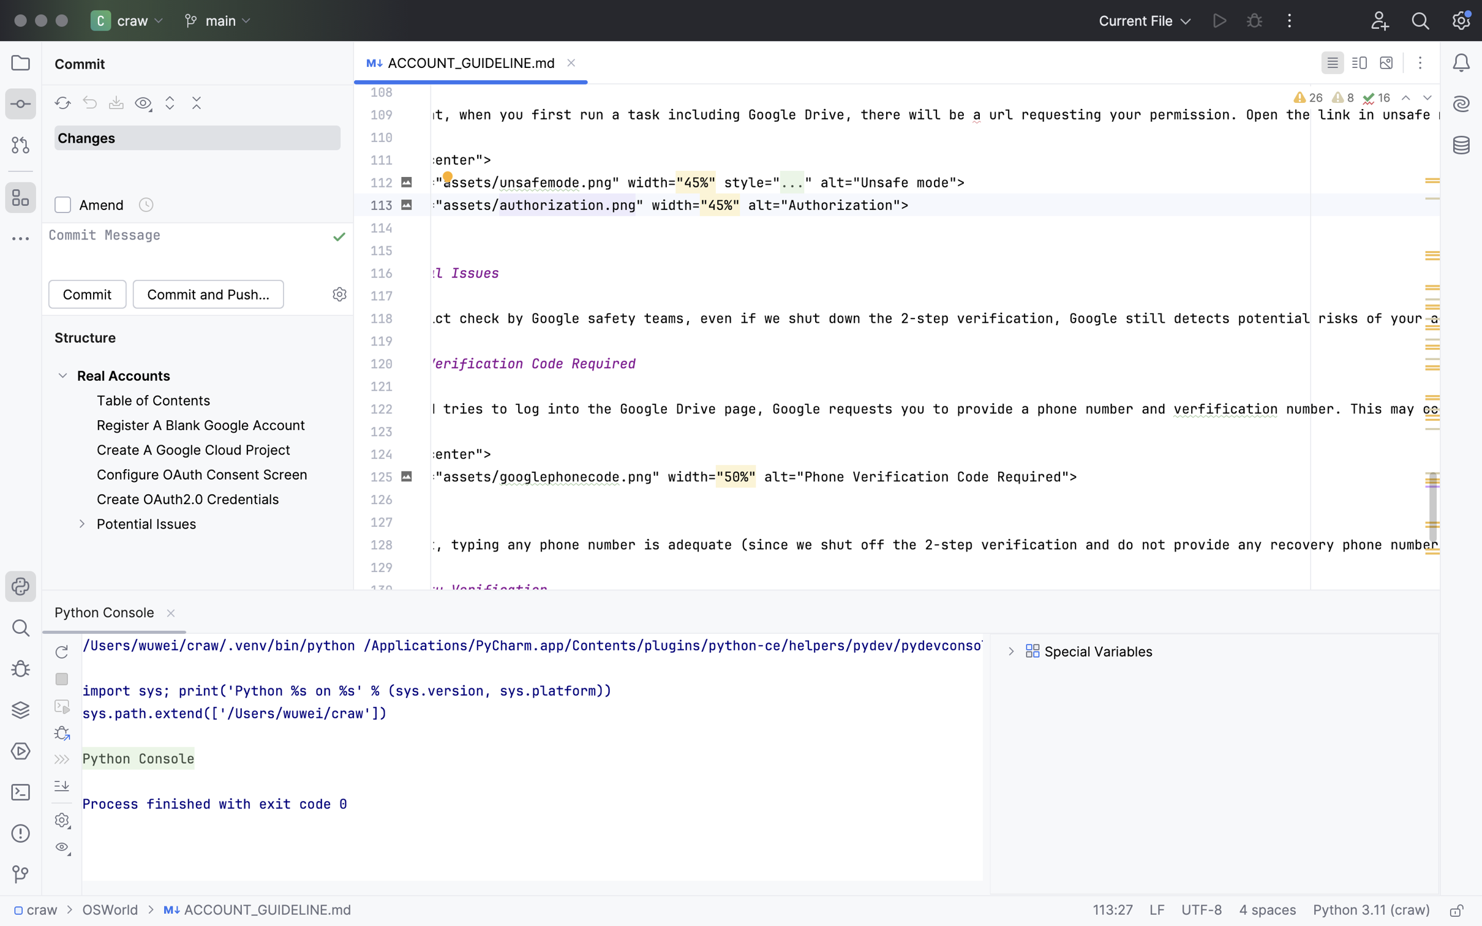  What do you see at coordinates (1113, 911) in the screenshot?
I see `'113:27'` at bounding box center [1113, 911].